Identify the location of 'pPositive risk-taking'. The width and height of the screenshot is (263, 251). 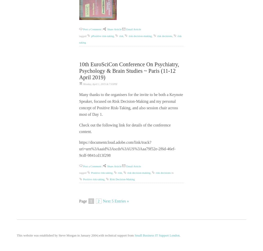
(102, 35).